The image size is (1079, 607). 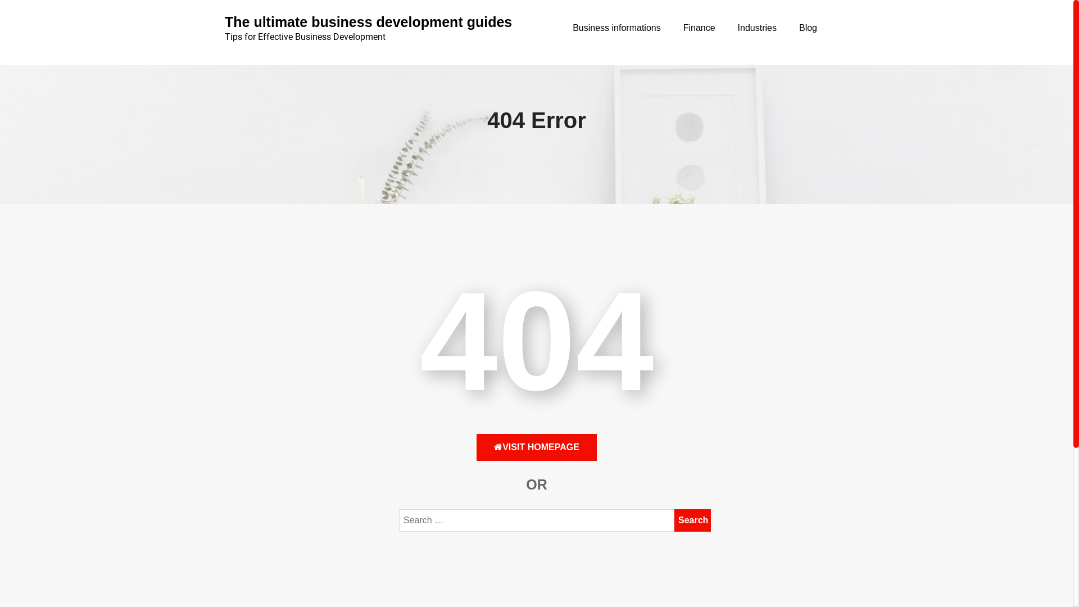 I want to click on 'Industries', so click(x=757, y=28).